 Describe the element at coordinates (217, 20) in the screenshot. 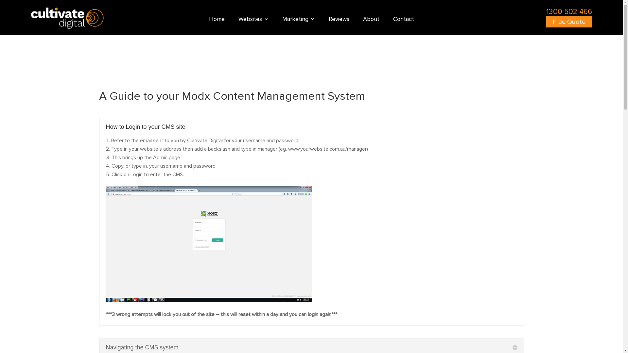

I see `'Home'` at that location.